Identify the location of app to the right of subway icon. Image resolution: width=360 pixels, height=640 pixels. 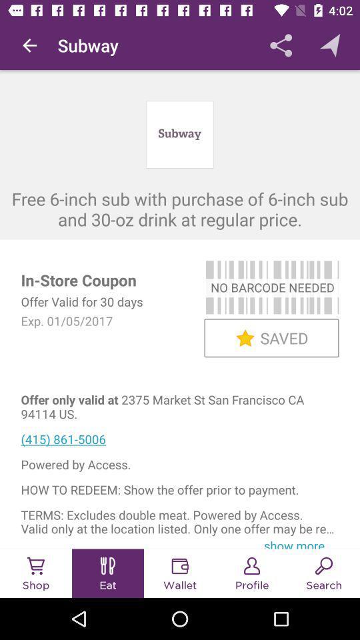
(280, 45).